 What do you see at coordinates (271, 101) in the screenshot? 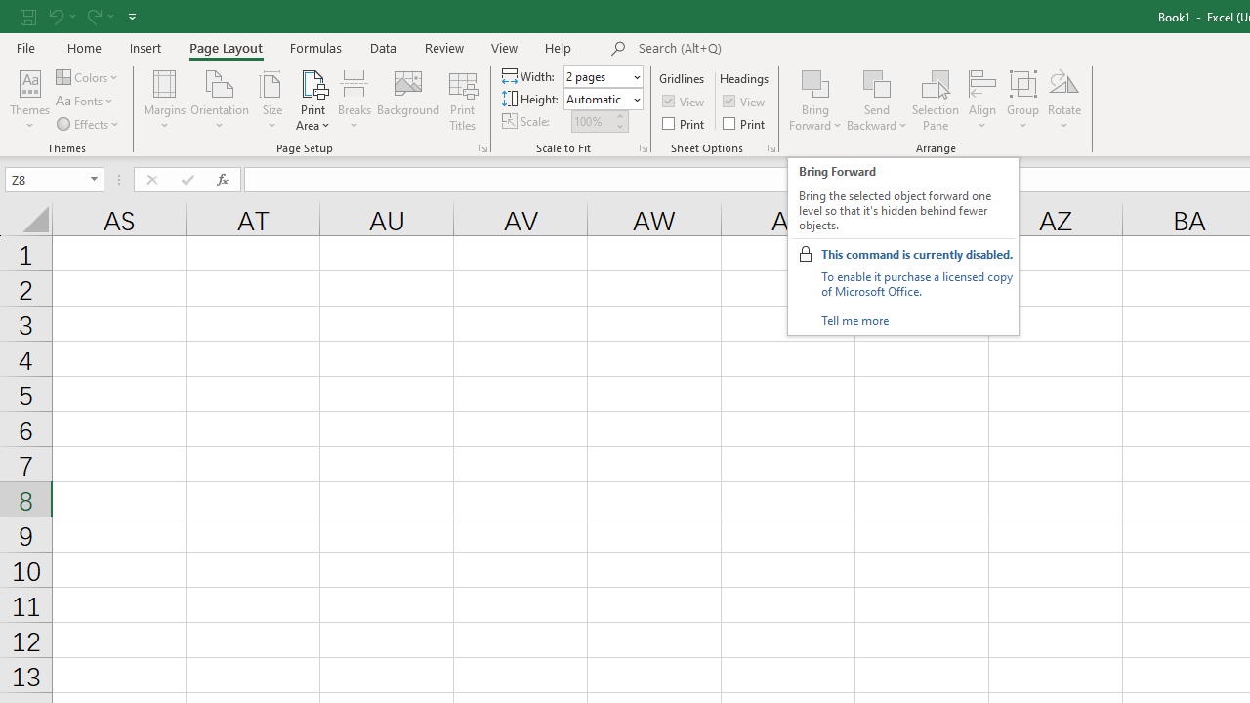
I see `'Size'` at bounding box center [271, 101].